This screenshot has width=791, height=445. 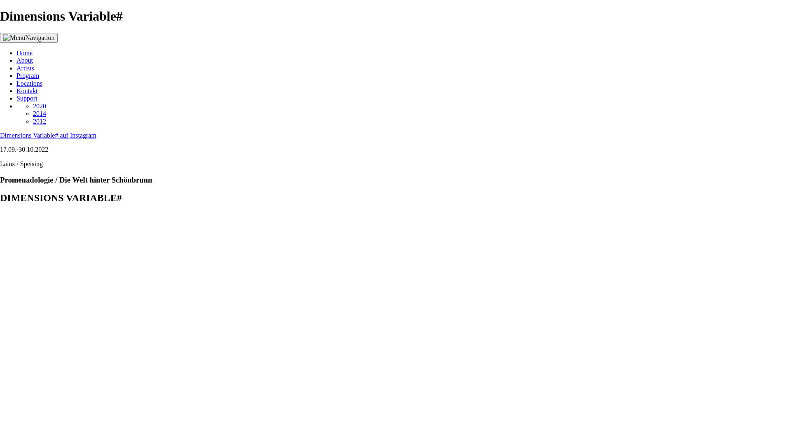 What do you see at coordinates (24, 53) in the screenshot?
I see `'Home'` at bounding box center [24, 53].